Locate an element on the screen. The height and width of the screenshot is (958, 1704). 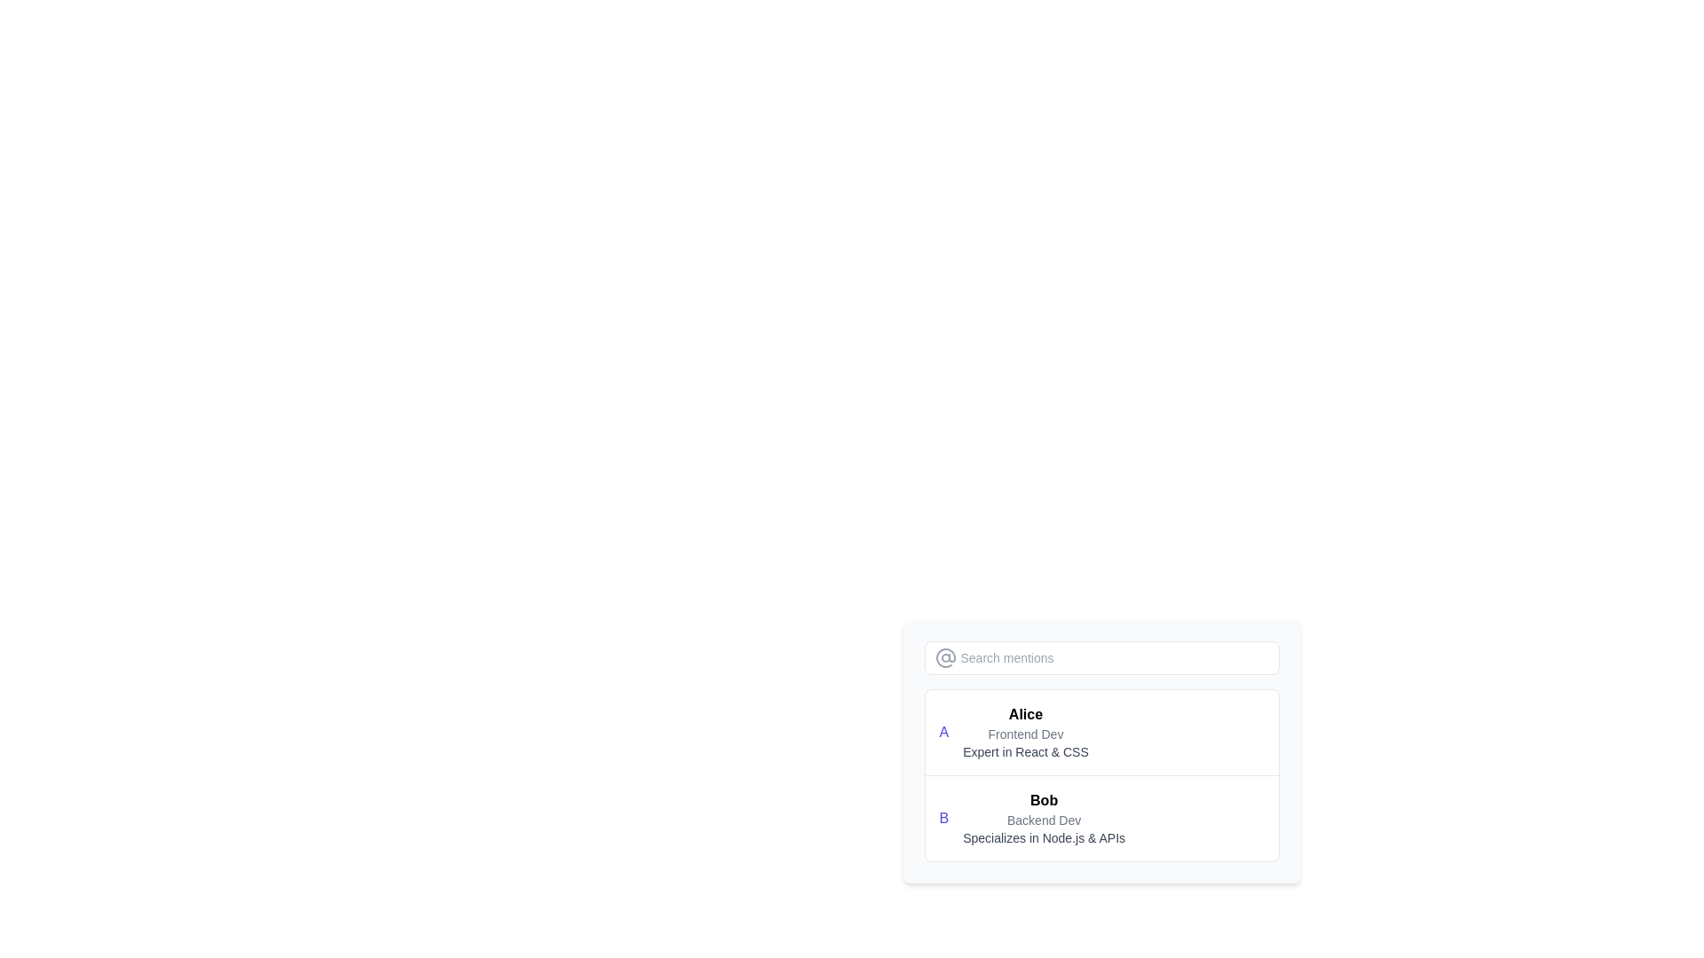
the Profile summary card for user 'Bob', which contains details about their role as 'Backend Dev' and specialization in 'Node.js & APIs' is located at coordinates (1100, 818).